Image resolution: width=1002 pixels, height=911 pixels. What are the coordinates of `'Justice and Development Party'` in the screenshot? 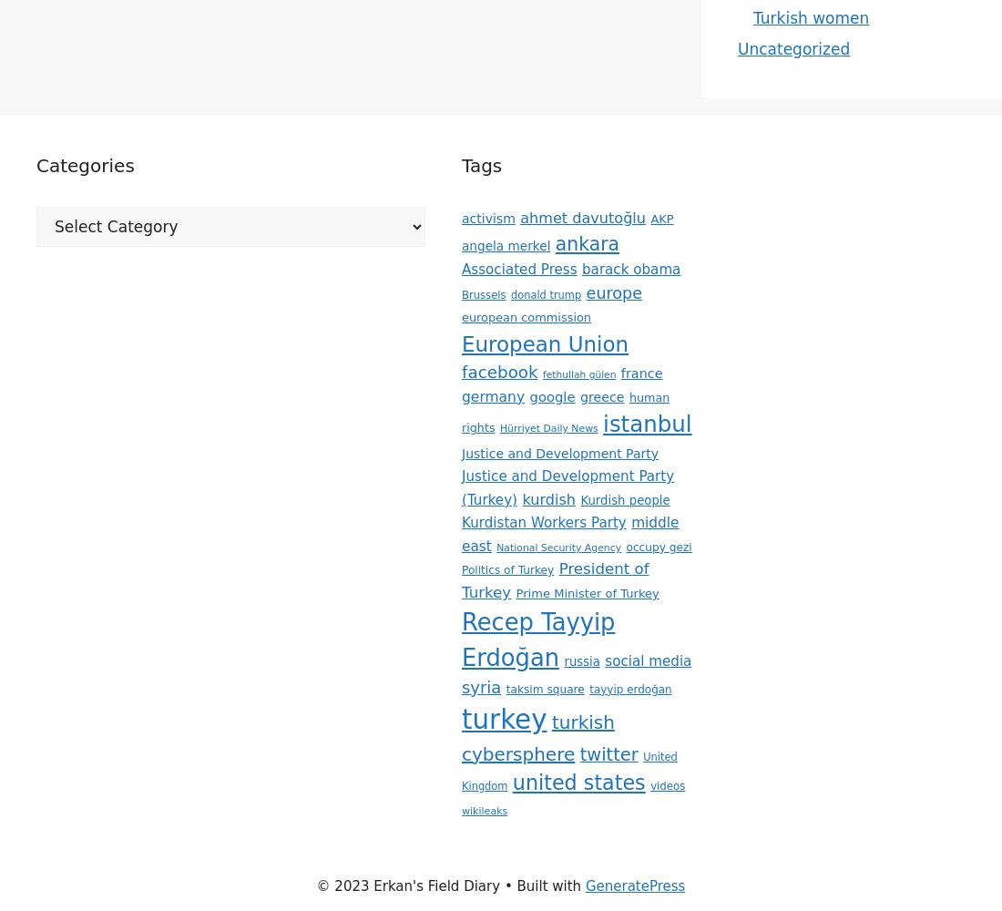 It's located at (559, 452).